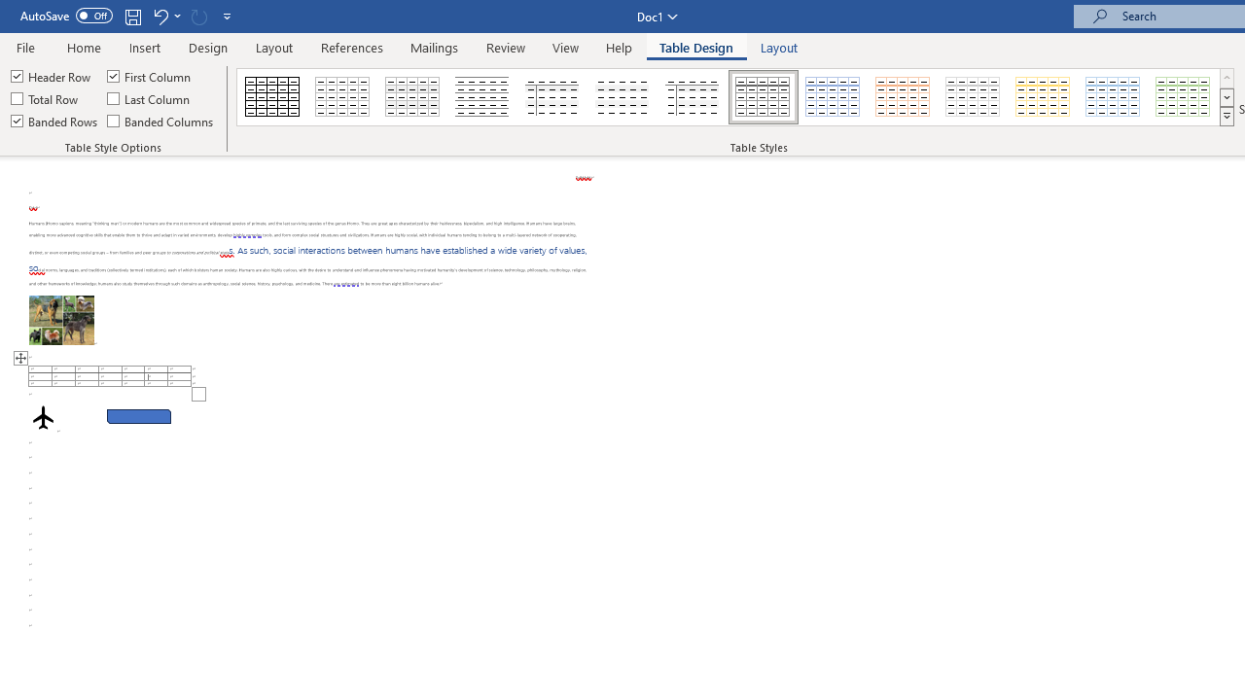  Describe the element at coordinates (973, 97) in the screenshot. I see `'Grid Table 1 Light - Accent 3'` at that location.